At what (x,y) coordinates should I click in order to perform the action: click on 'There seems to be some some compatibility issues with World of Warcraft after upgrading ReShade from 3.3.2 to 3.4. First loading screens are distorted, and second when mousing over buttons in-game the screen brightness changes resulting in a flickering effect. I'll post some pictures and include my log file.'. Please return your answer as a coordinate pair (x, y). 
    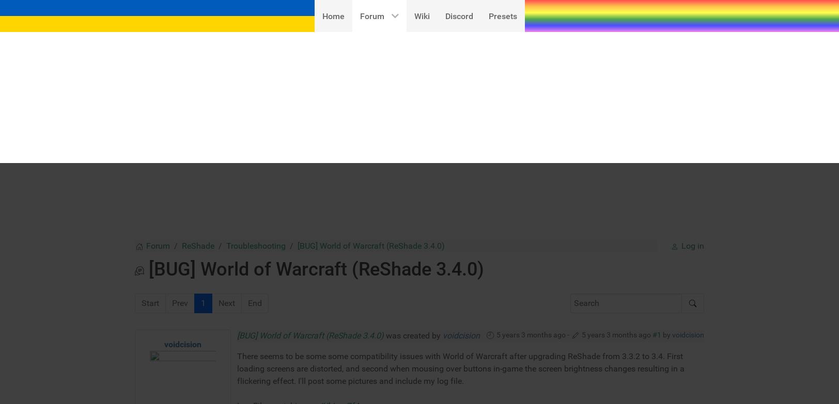
    Looking at the image, I should click on (460, 204).